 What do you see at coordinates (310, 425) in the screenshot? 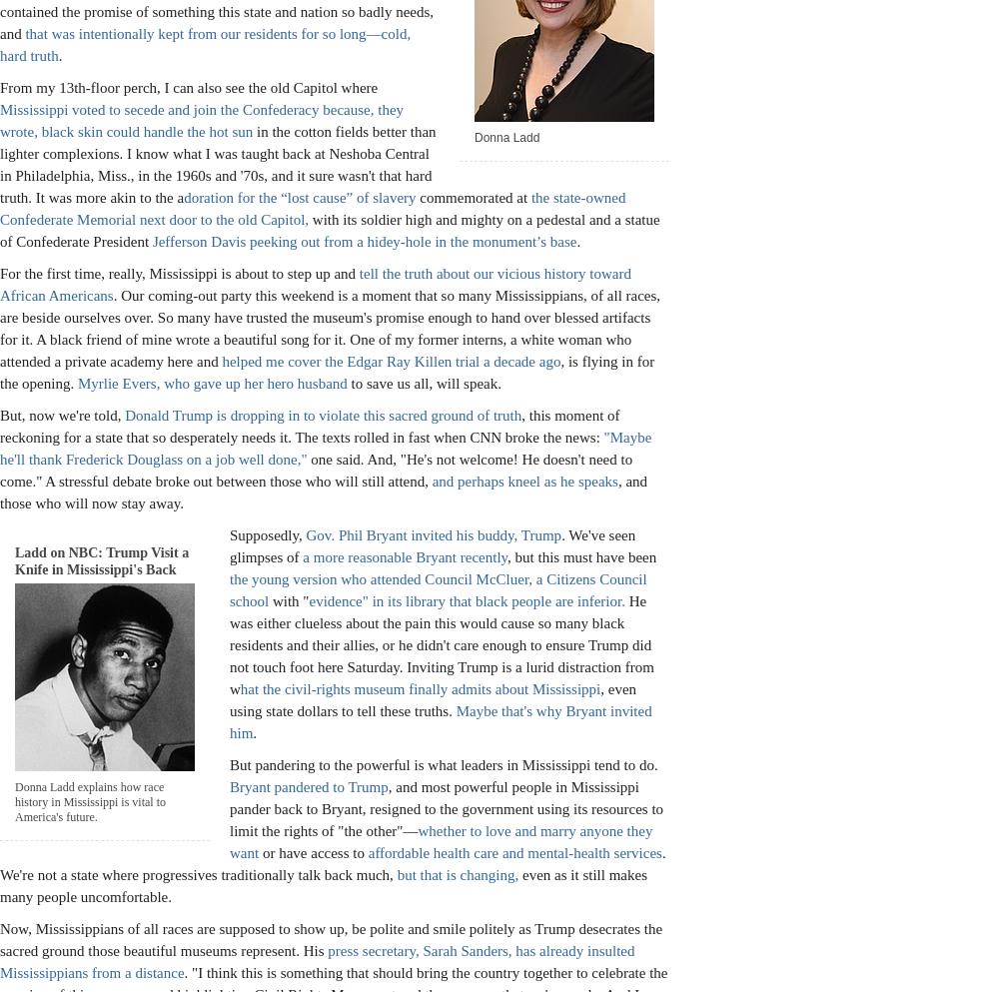
I see `', this moment of reckoning for a state that so desperately needs it. The texts rolled in fast when CNN broke the news:'` at bounding box center [310, 425].